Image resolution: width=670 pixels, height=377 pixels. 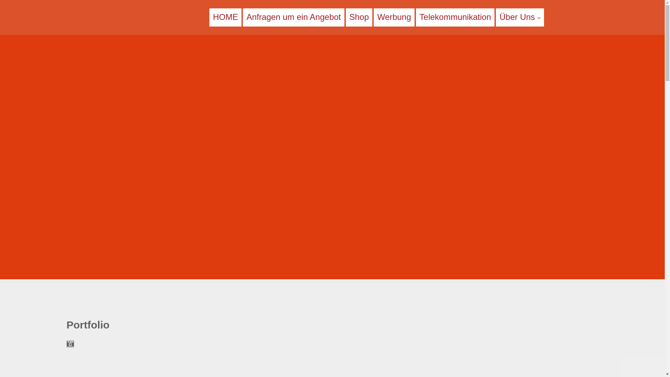 What do you see at coordinates (225, 16) in the screenshot?
I see `'HOME'` at bounding box center [225, 16].